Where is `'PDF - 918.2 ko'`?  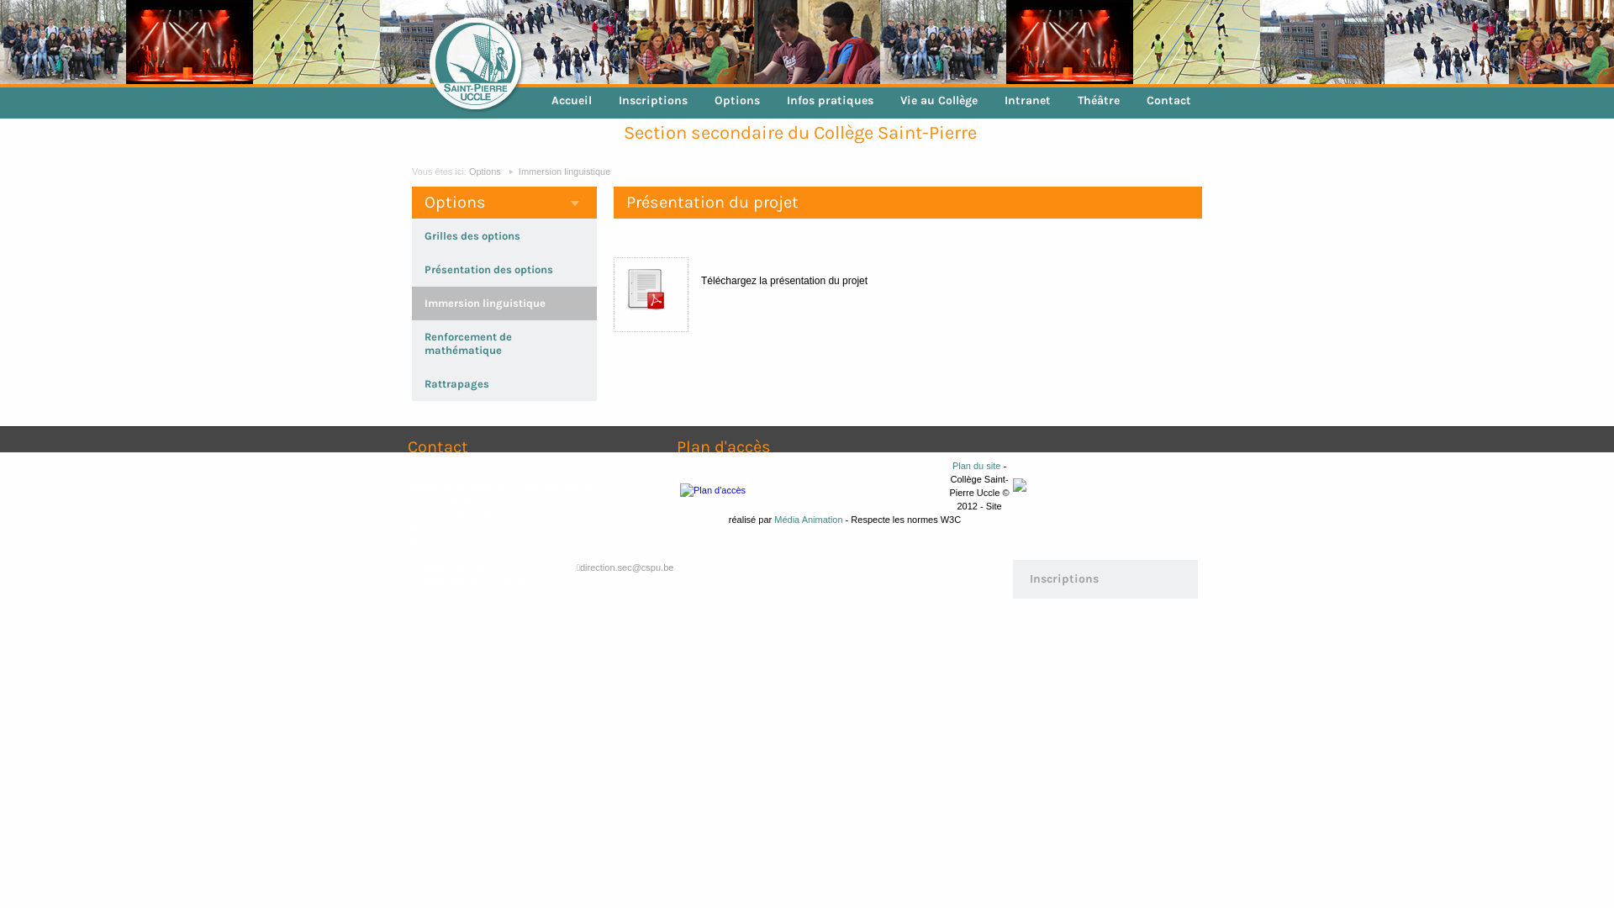 'PDF - 918.2 ko' is located at coordinates (621, 319).